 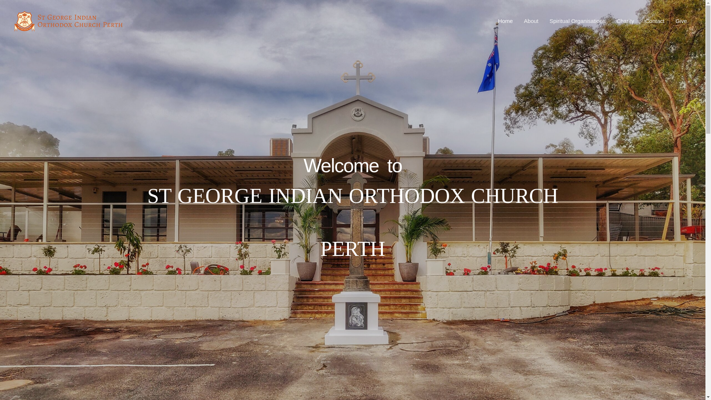 What do you see at coordinates (518, 21) in the screenshot?
I see `'About'` at bounding box center [518, 21].